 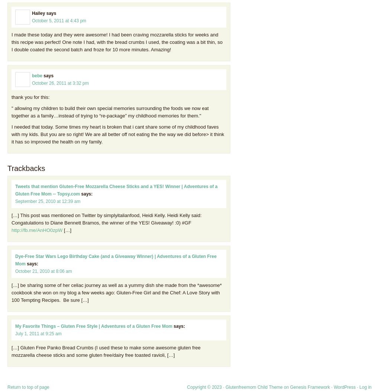 What do you see at coordinates (59, 20) in the screenshot?
I see `'October 5, 2011 at 4:43 pm'` at bounding box center [59, 20].